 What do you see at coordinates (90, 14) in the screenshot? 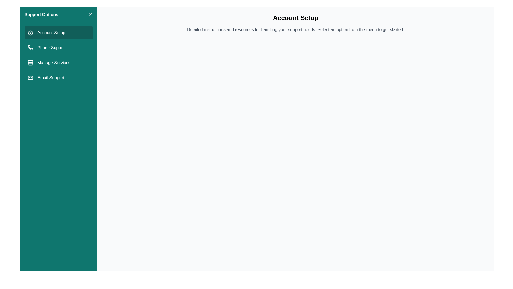
I see `the Close icon, a small cross icon composed of two diagonal lines, located in the top-right area of the left sidebar adjacent to 'Support Options'` at bounding box center [90, 14].